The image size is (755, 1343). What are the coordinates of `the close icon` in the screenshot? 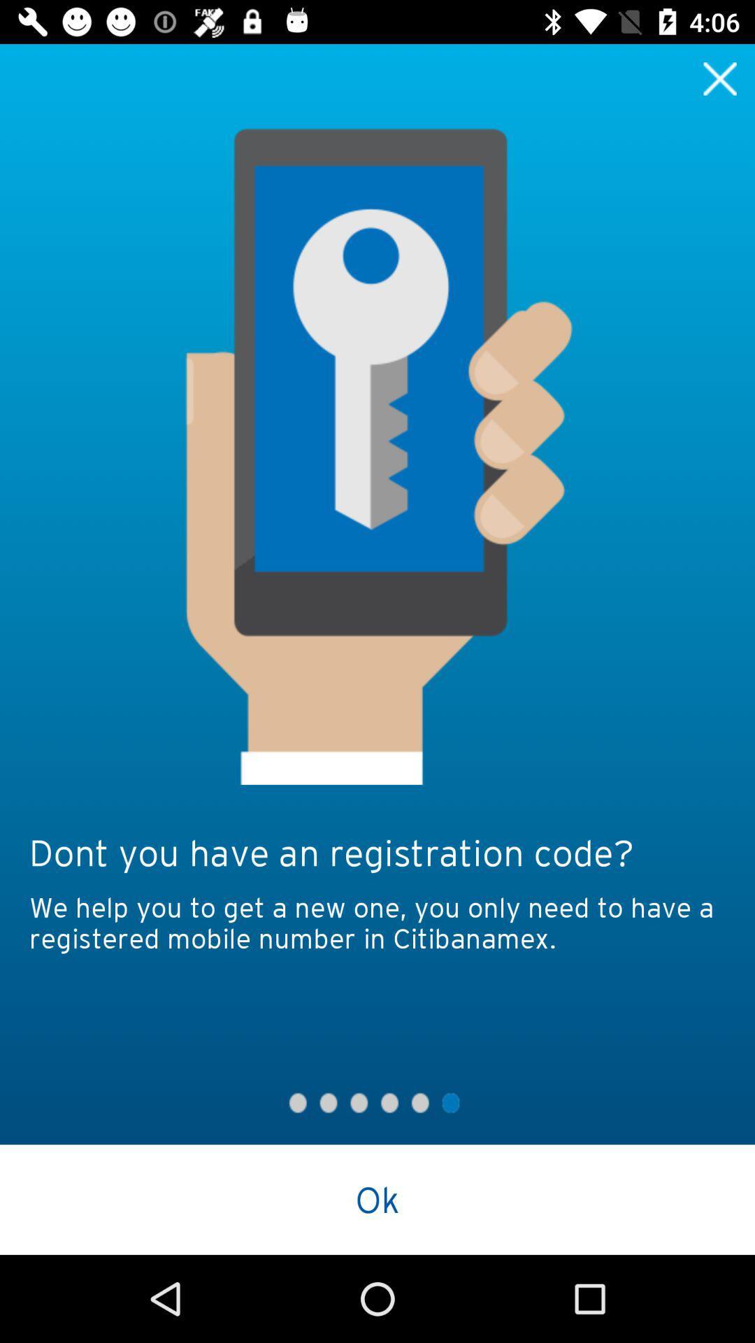 It's located at (720, 78).